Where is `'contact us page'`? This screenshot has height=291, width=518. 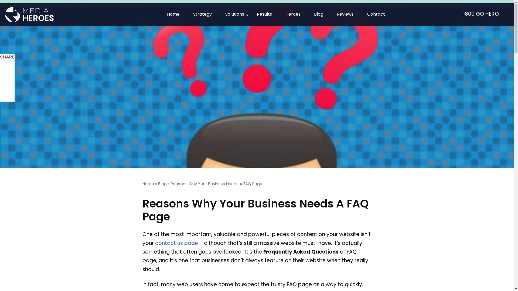
'contact us page' is located at coordinates (155, 244).